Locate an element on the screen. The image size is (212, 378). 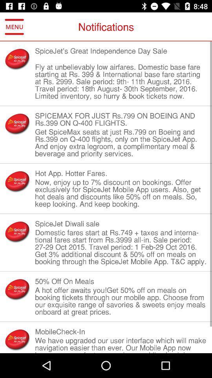
the spicejet diwali sale is located at coordinates (121, 224).